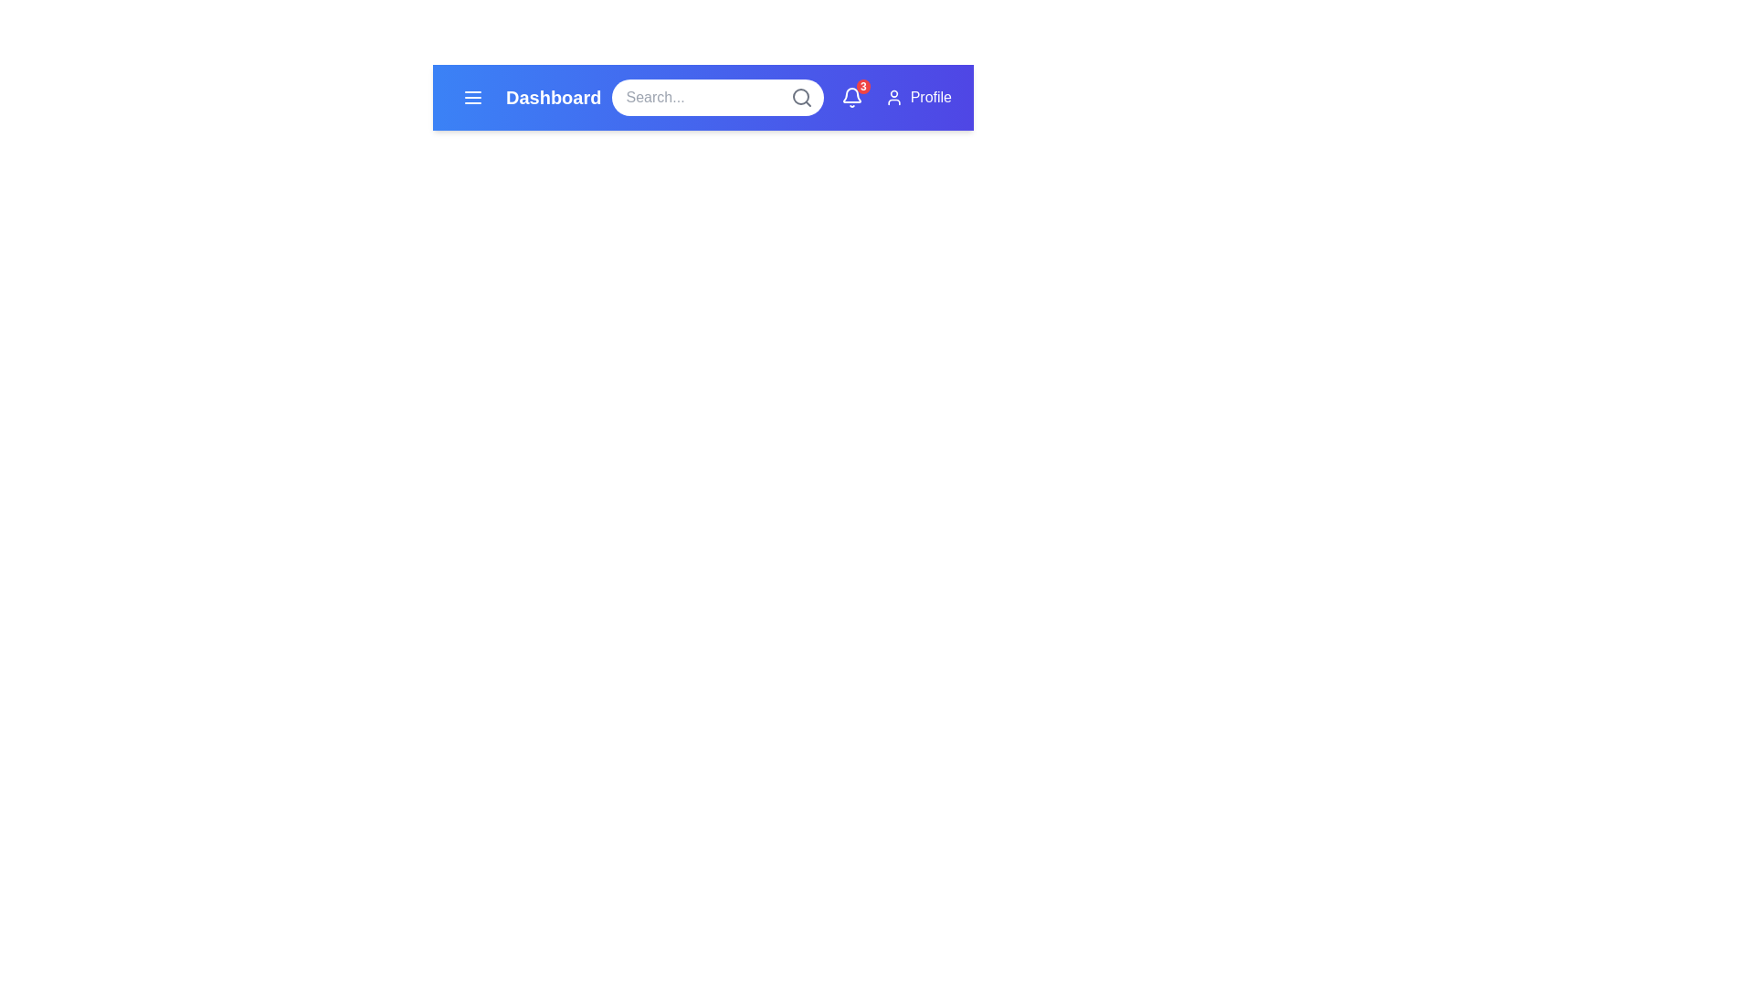  I want to click on the red circular badge with the text '3' inside it, which is visually associated with a notification bell icon located at the top-right corner of the bell icon, so click(862, 87).